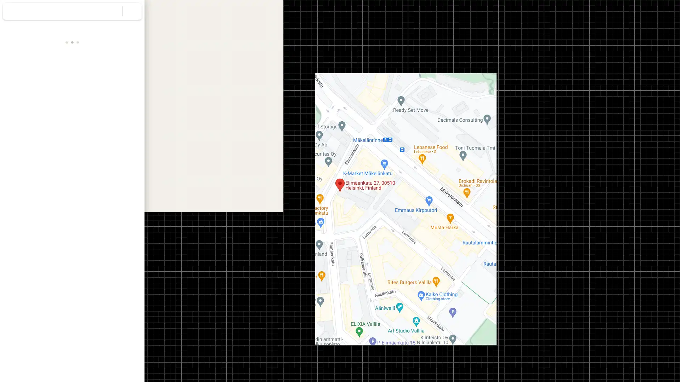 This screenshot has height=382, width=680. Describe the element at coordinates (117, 169) in the screenshot. I see `Copy plus code` at that location.